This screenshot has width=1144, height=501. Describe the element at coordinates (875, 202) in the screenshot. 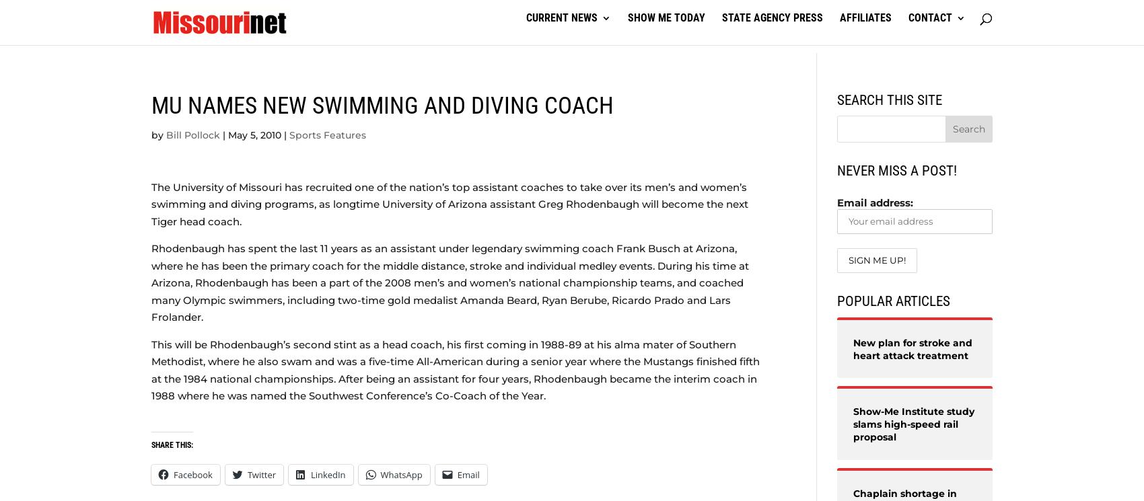

I see `'Email address:'` at that location.